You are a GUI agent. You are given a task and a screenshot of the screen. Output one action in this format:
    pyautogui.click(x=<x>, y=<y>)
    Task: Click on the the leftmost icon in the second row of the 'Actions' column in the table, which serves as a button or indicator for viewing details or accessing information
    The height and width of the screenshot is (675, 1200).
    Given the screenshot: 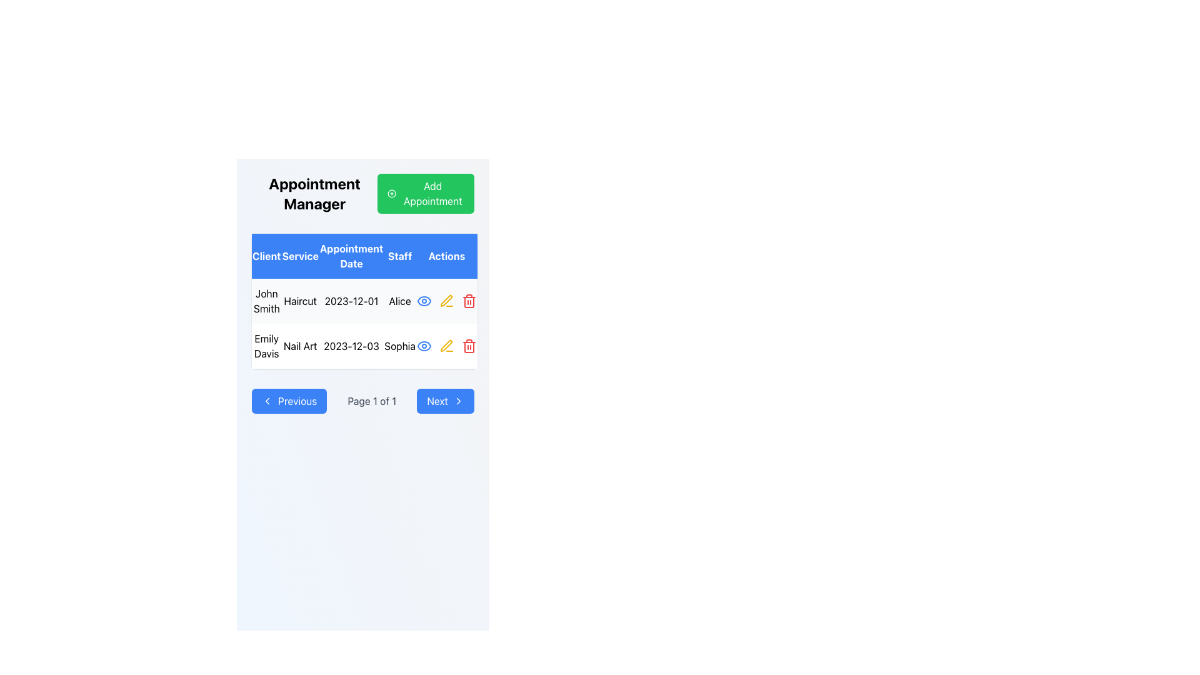 What is the action you would take?
    pyautogui.click(x=424, y=301)
    